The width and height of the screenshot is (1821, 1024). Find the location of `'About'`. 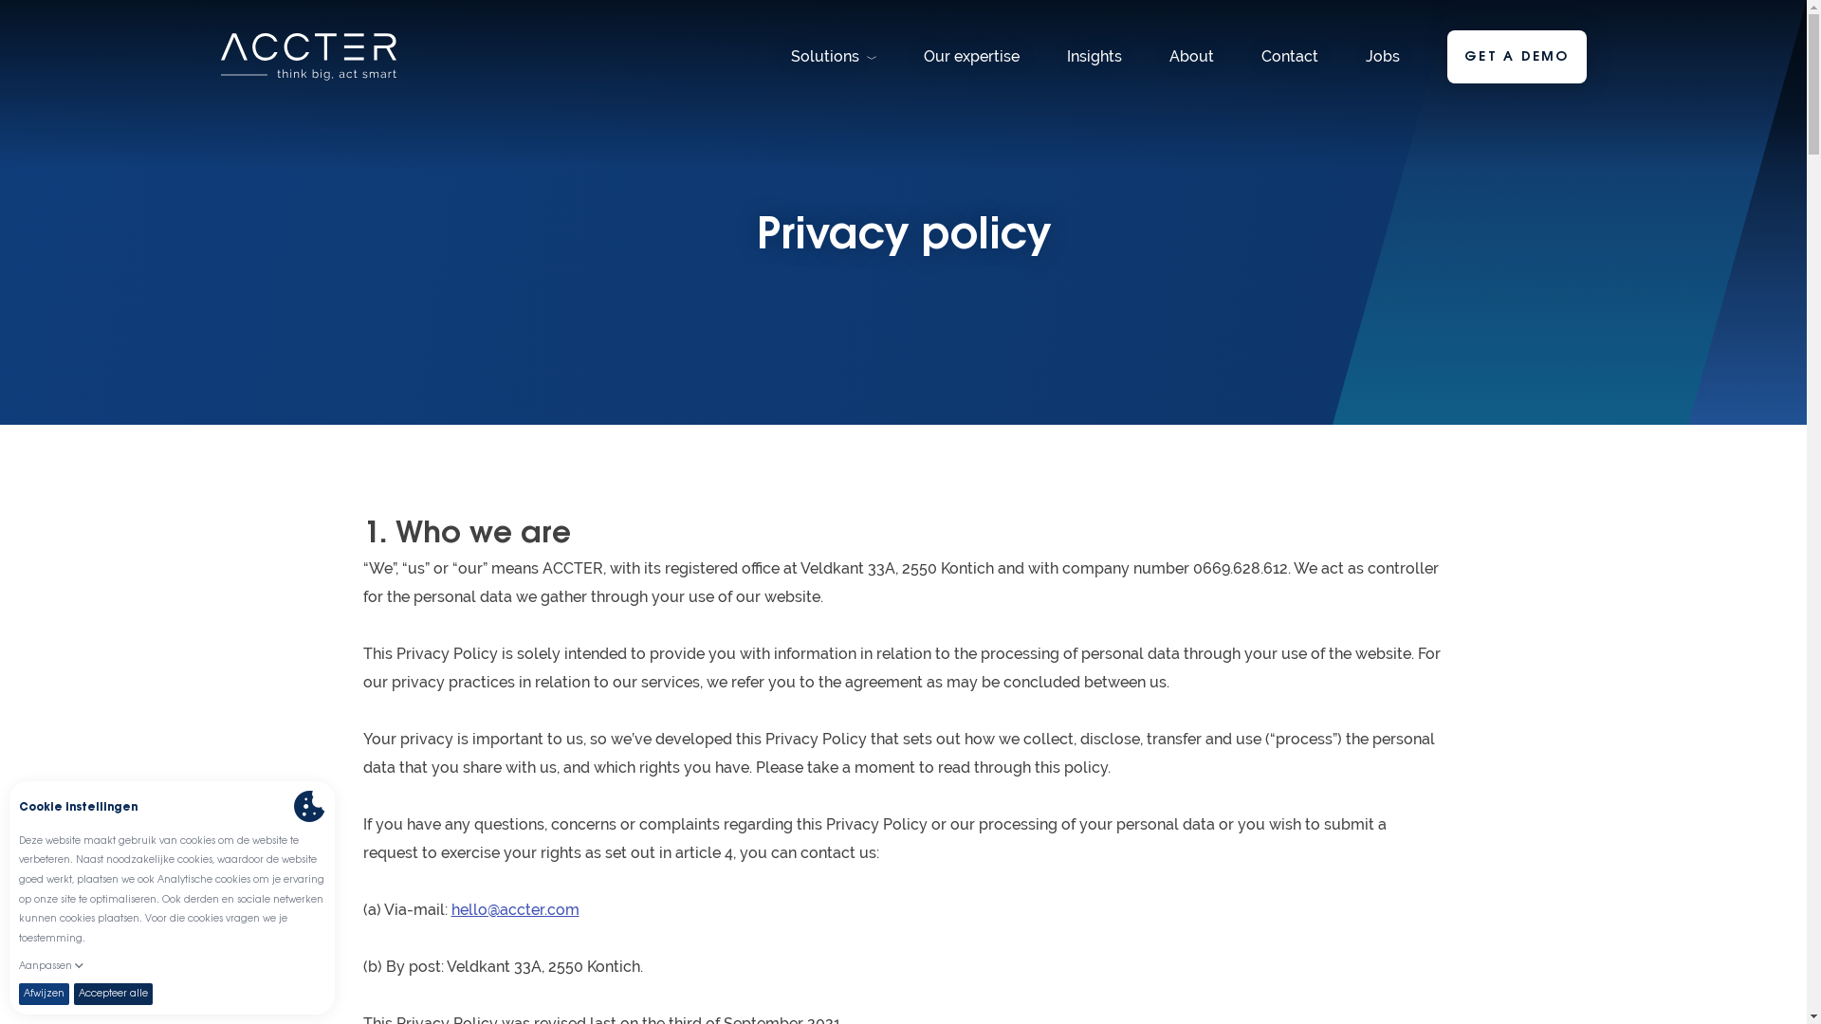

'About' is located at coordinates (1190, 56).